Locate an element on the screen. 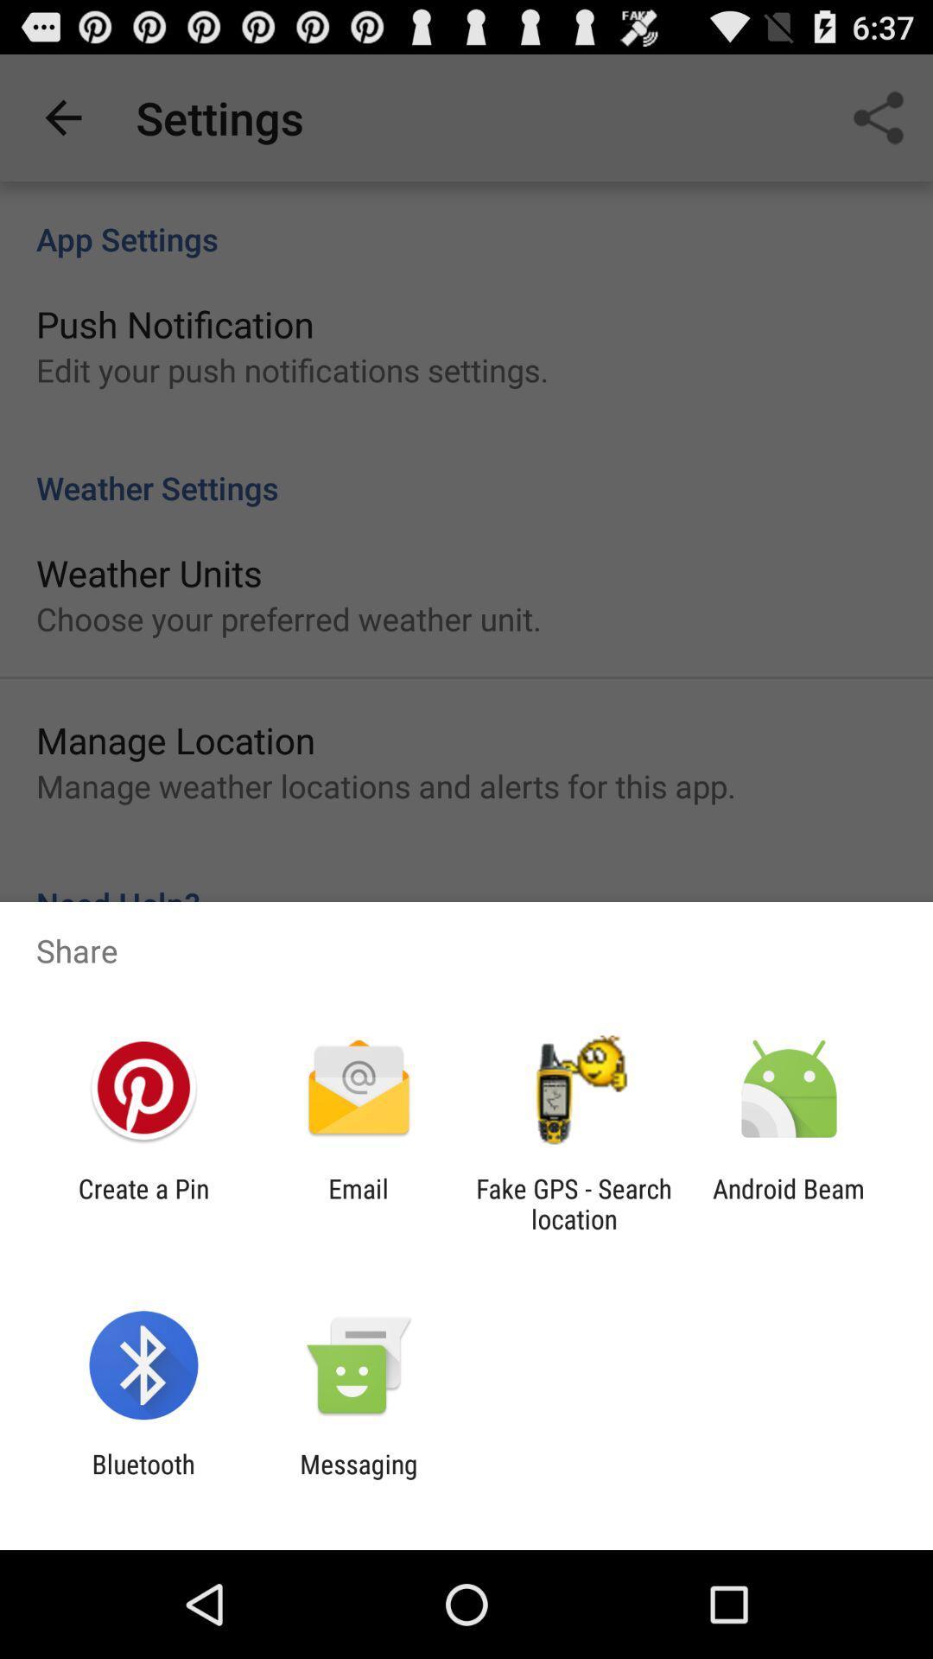  the icon at the bottom right corner is located at coordinates (789, 1203).